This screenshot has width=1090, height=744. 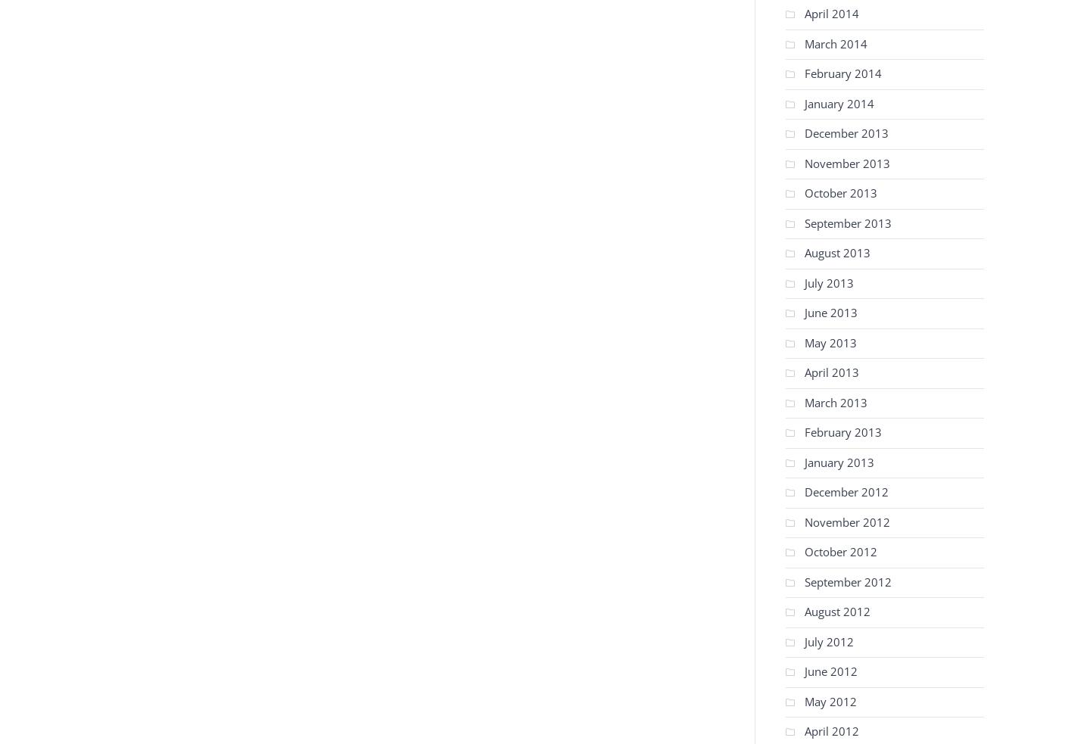 What do you see at coordinates (838, 461) in the screenshot?
I see `'January 2013'` at bounding box center [838, 461].